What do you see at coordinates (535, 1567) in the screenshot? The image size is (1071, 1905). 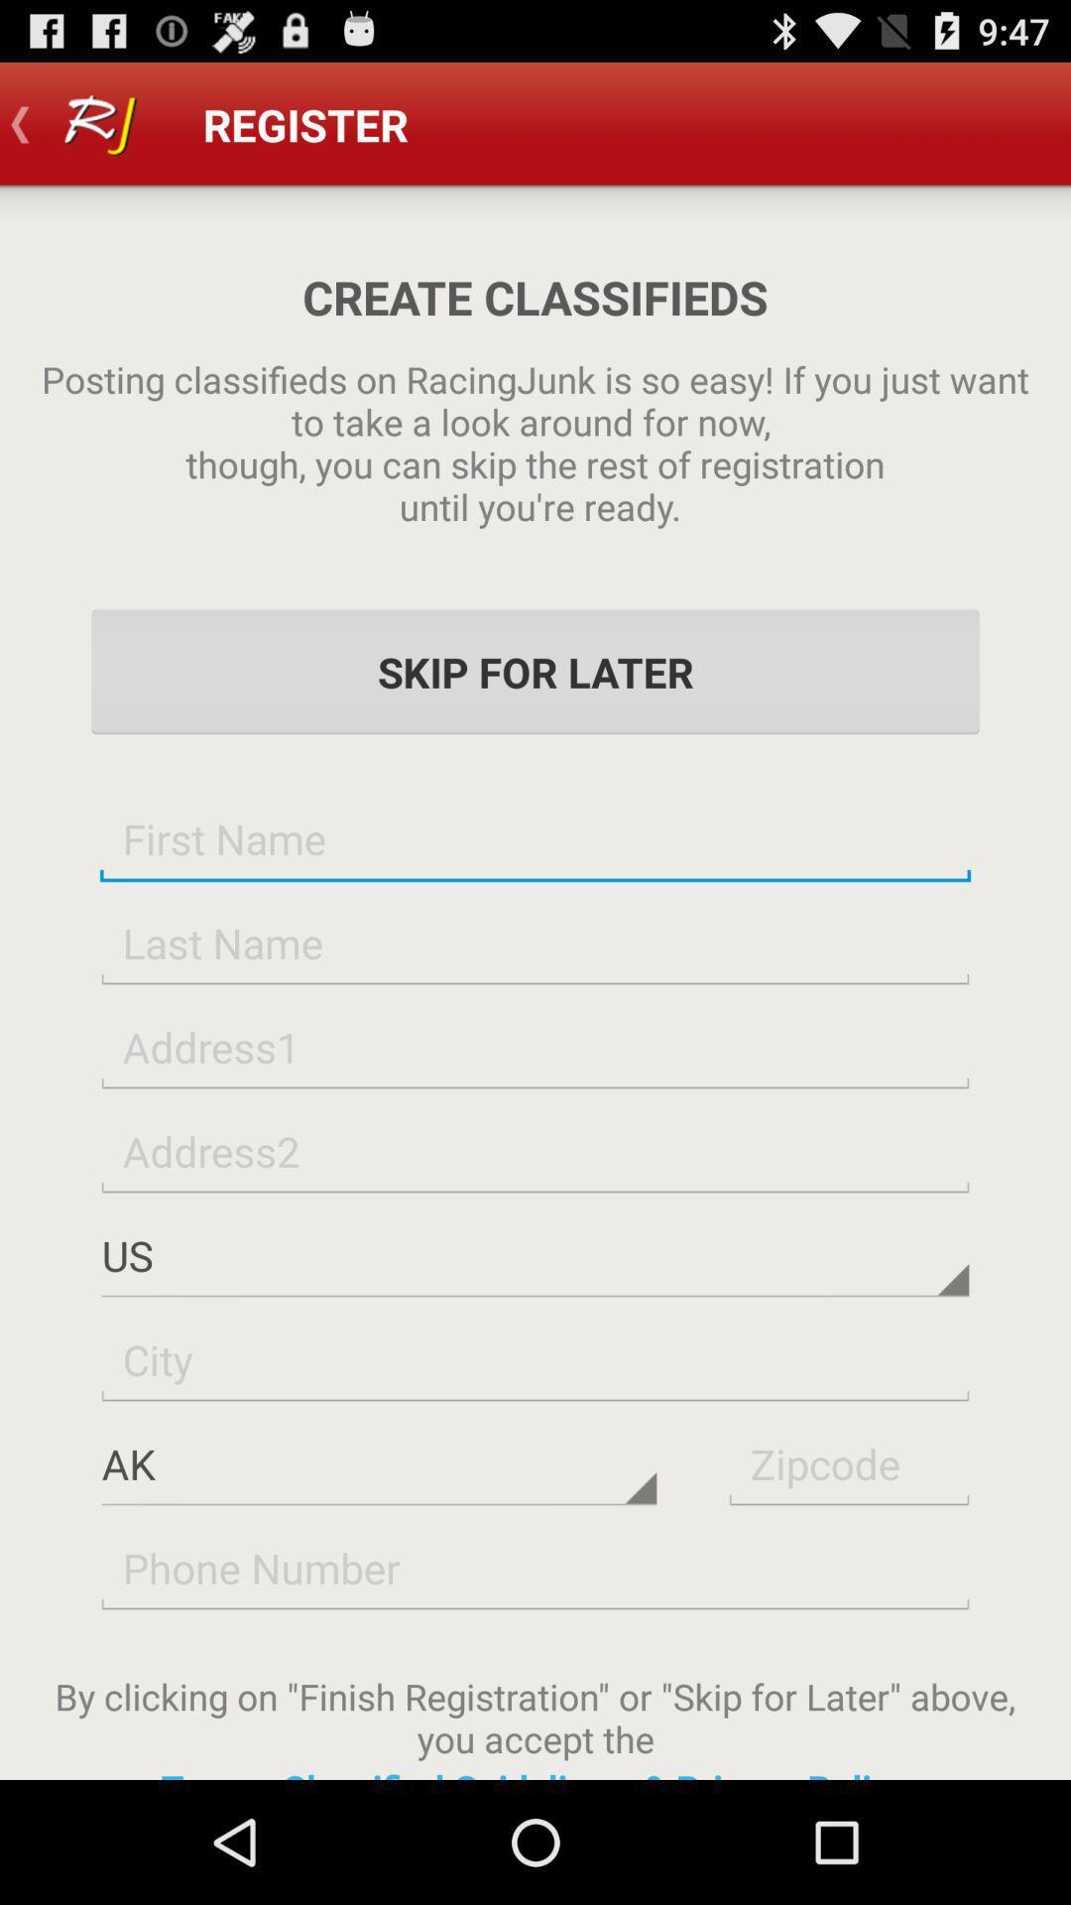 I see `phone number` at bounding box center [535, 1567].